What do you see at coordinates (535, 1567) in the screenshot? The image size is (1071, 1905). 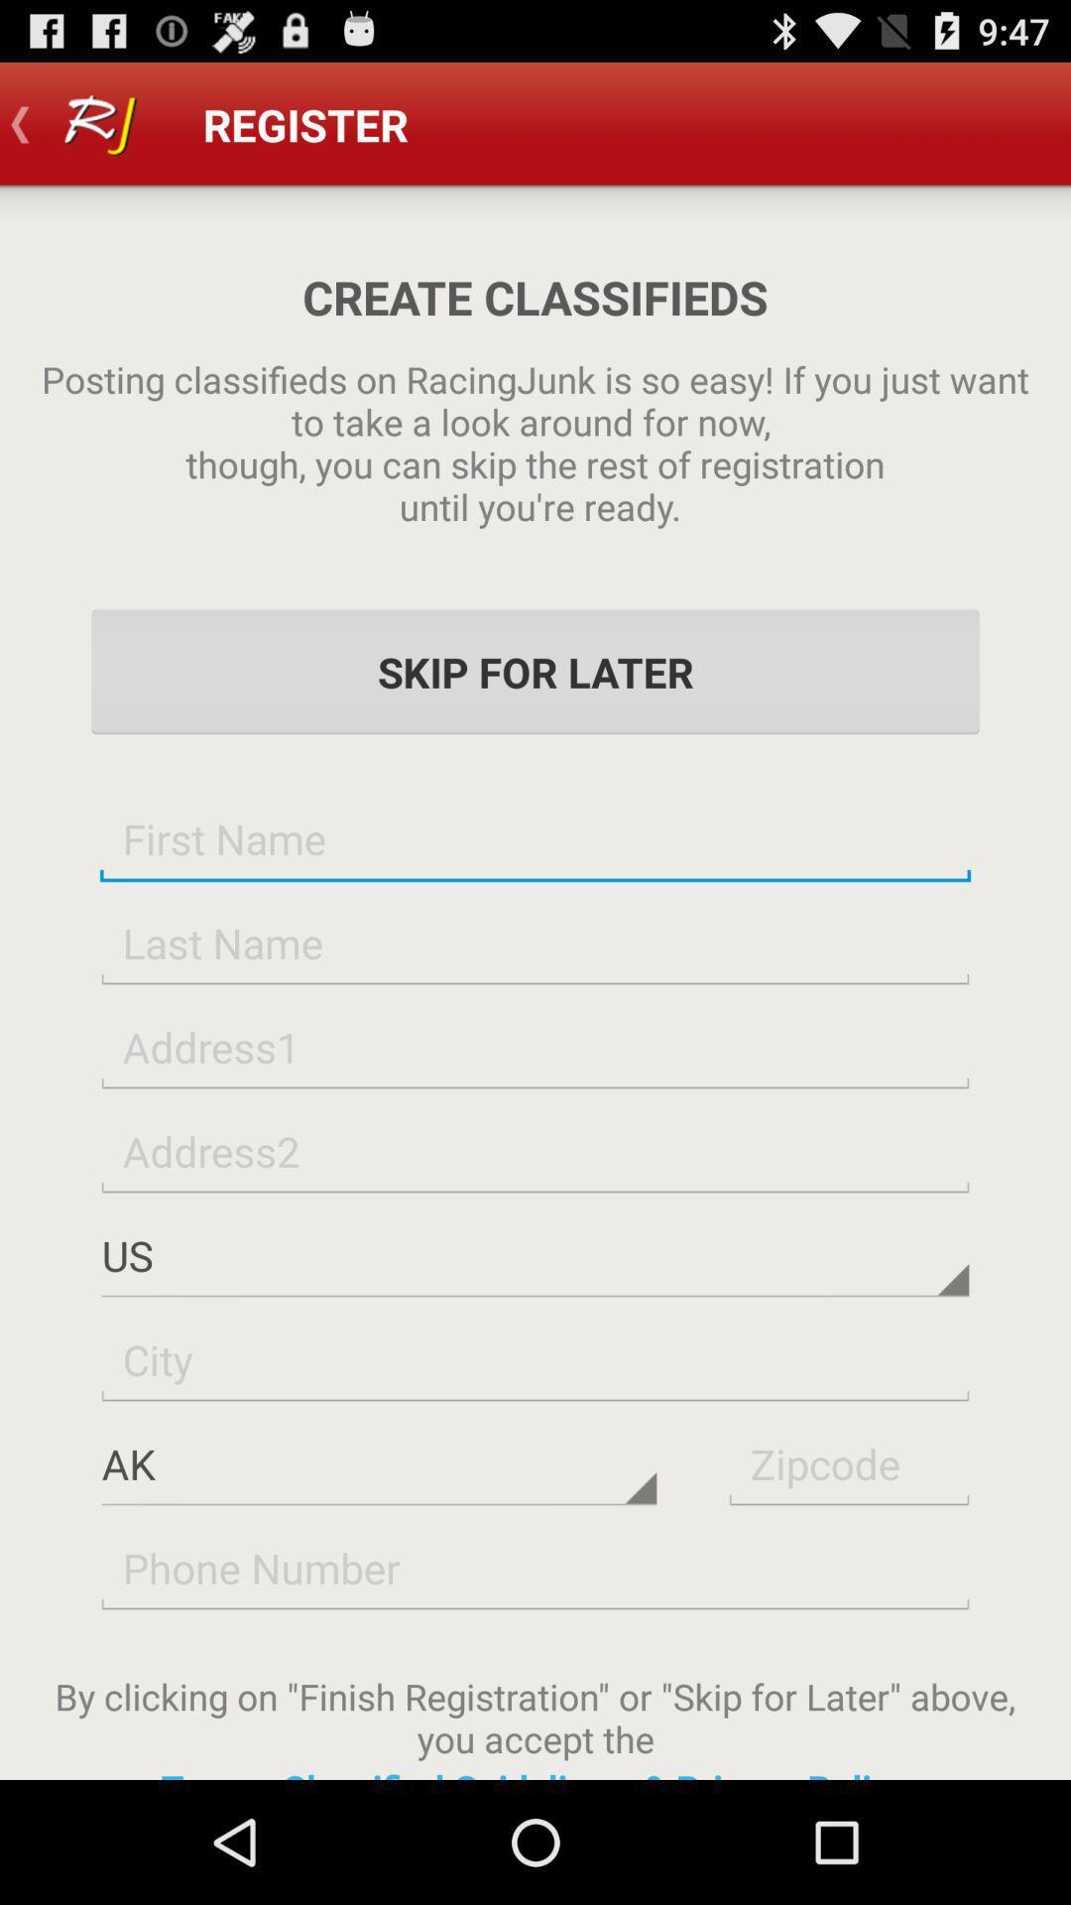 I see `phone number` at bounding box center [535, 1567].